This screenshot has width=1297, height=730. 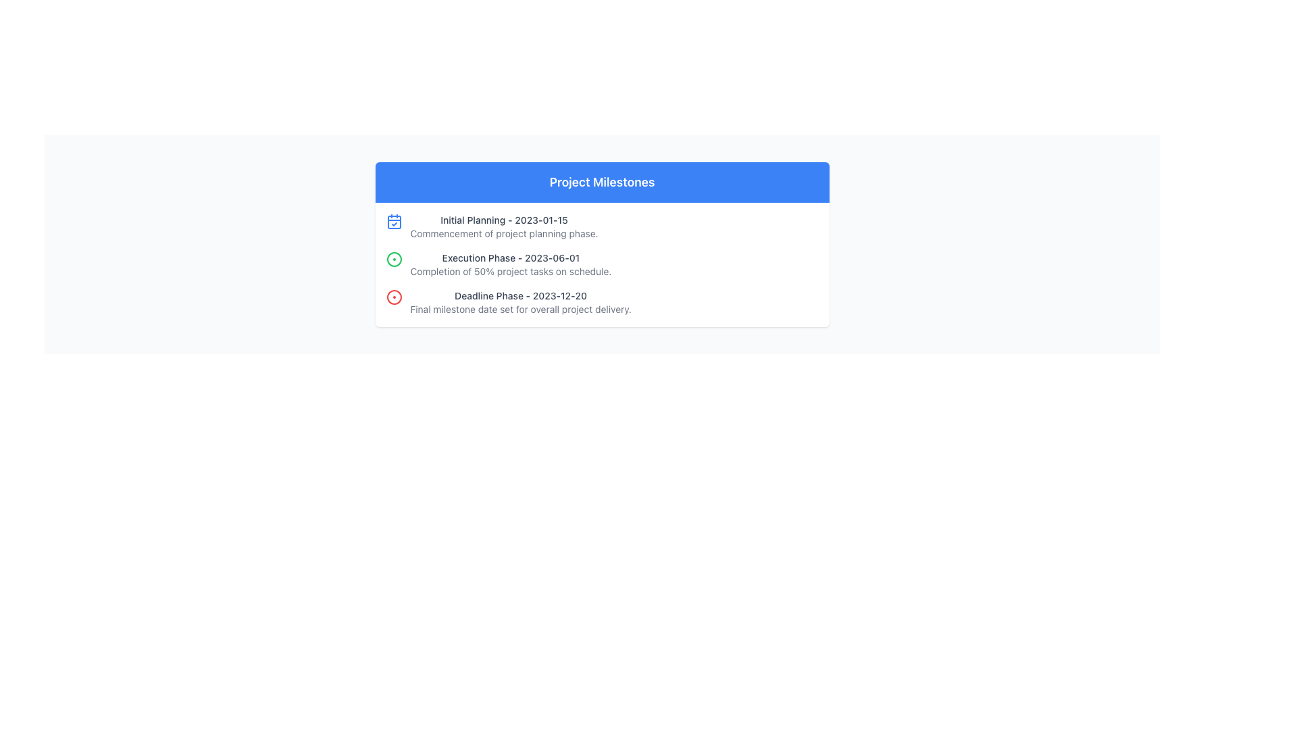 What do you see at coordinates (393, 221) in the screenshot?
I see `the rounded rectangle within the calendar icon at the top-left corner of 'Initial Planning - 2023-01-15'` at bounding box center [393, 221].